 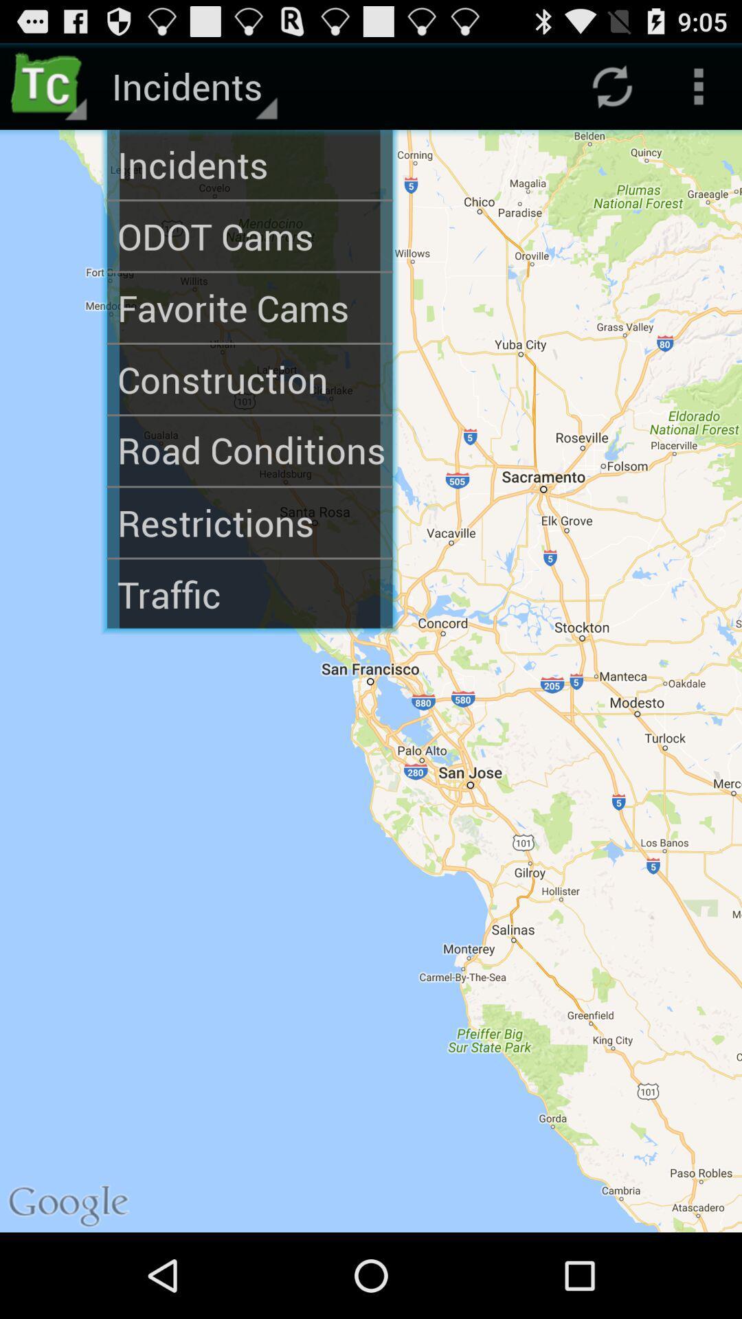 I want to click on restrictions icon, so click(x=249, y=521).